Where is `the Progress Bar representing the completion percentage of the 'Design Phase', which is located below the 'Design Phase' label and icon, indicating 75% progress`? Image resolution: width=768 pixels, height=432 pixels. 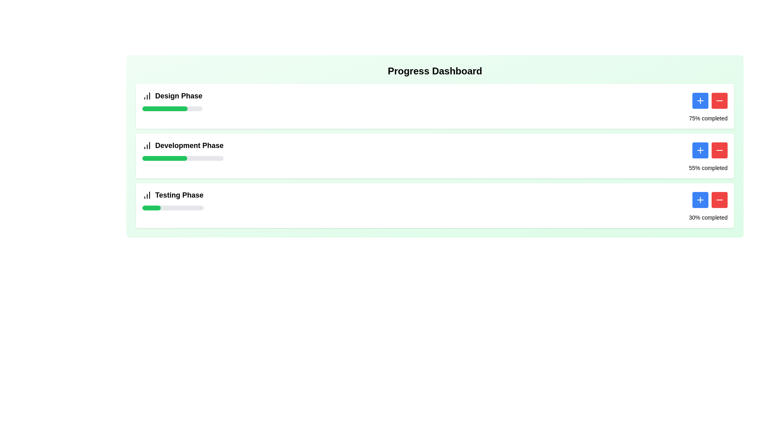
the Progress Bar representing the completion percentage of the 'Design Phase', which is located below the 'Design Phase' label and icon, indicating 75% progress is located at coordinates (172, 109).